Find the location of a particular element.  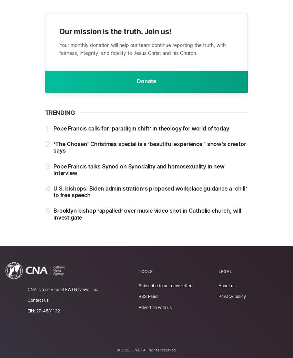

'Contact us' is located at coordinates (27, 300).